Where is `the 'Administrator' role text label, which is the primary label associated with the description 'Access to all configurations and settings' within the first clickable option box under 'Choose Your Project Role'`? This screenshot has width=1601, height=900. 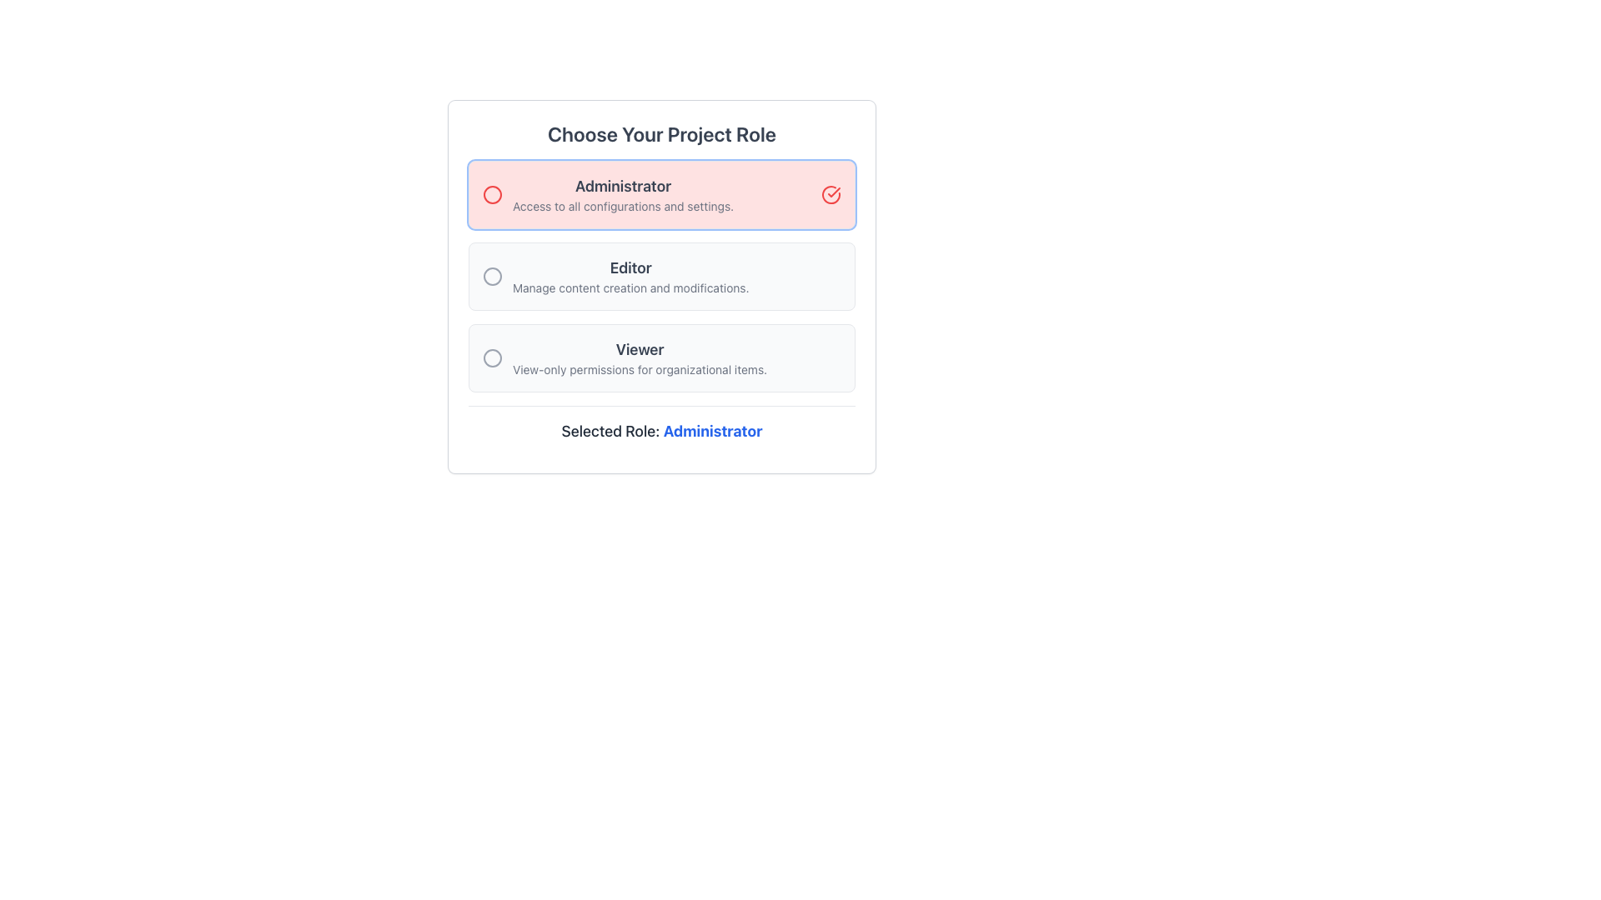
the 'Administrator' role text label, which is the primary label associated with the description 'Access to all configurations and settings' within the first clickable option box under 'Choose Your Project Role' is located at coordinates (622, 186).